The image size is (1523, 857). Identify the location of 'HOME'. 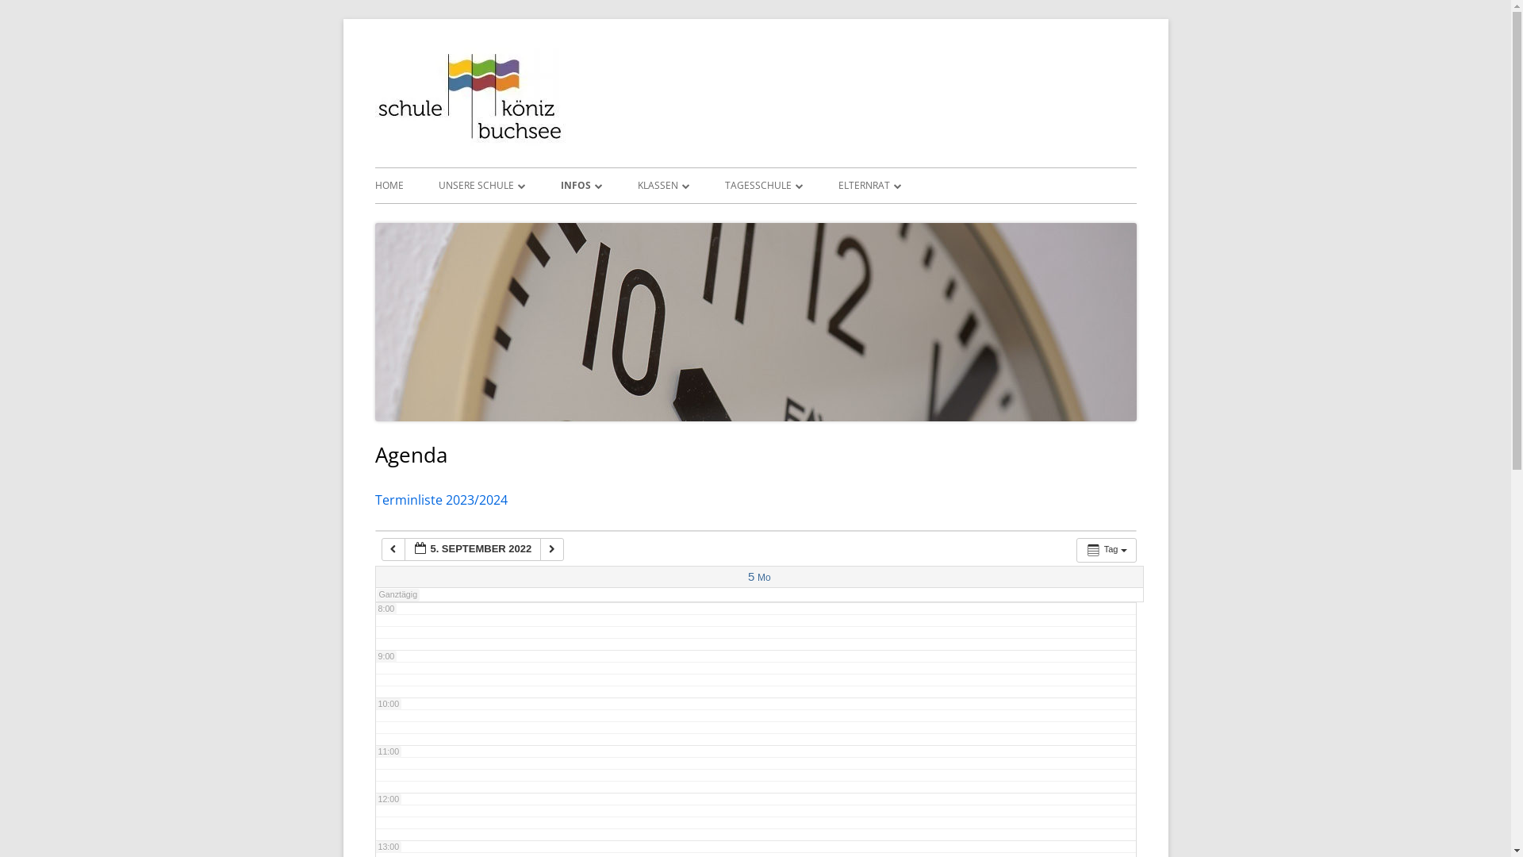
(388, 185).